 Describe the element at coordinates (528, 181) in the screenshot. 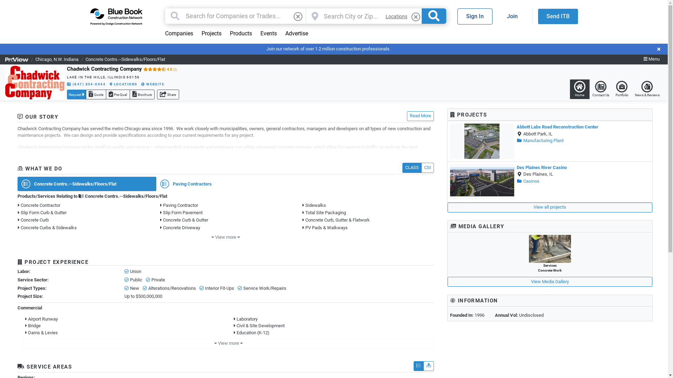

I see `'Casinos'` at that location.